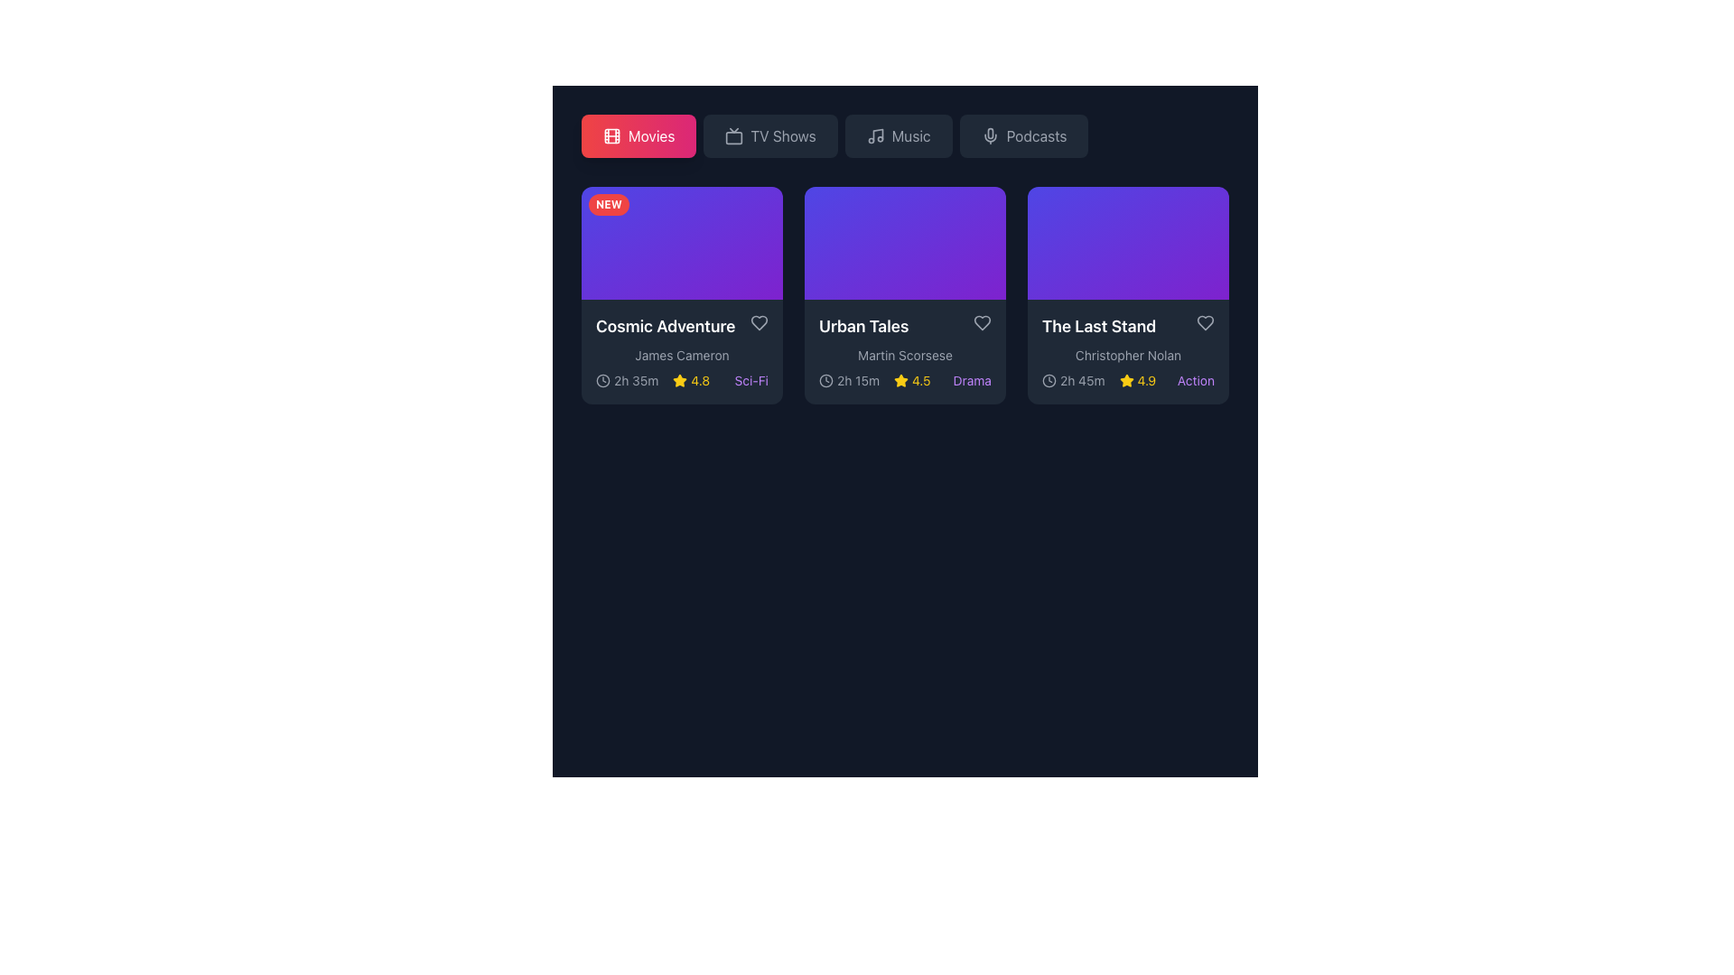  What do you see at coordinates (751, 380) in the screenshot?
I see `text label 'Sci-Fi' which is styled with a purple font color and located in the card interface of the movie 'Cosmic Adventure', positioned below the movie title and rating` at bounding box center [751, 380].